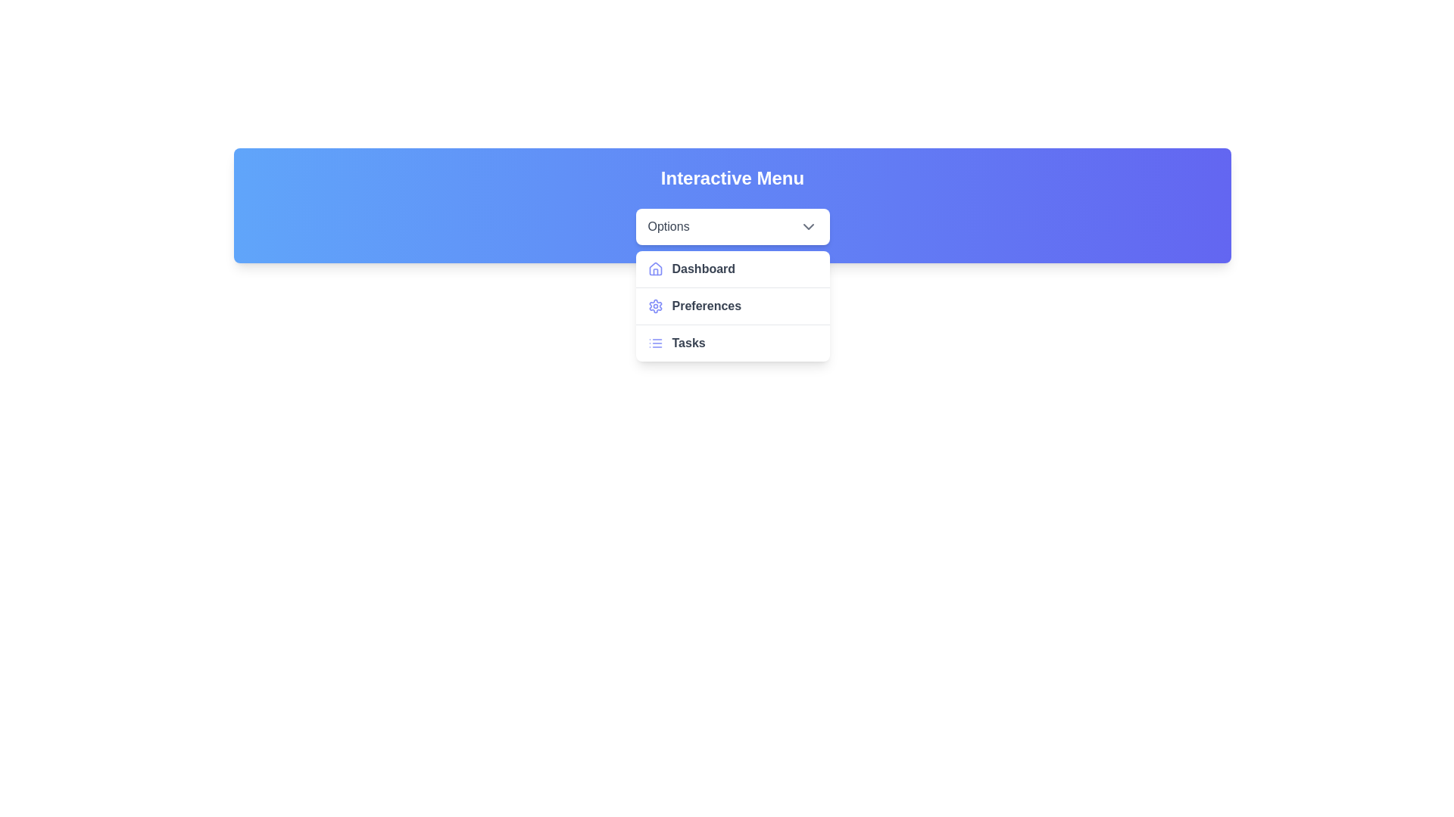 The width and height of the screenshot is (1454, 817). Describe the element at coordinates (732, 343) in the screenshot. I see `the 'Tasks' list item in the dropdown menu` at that location.